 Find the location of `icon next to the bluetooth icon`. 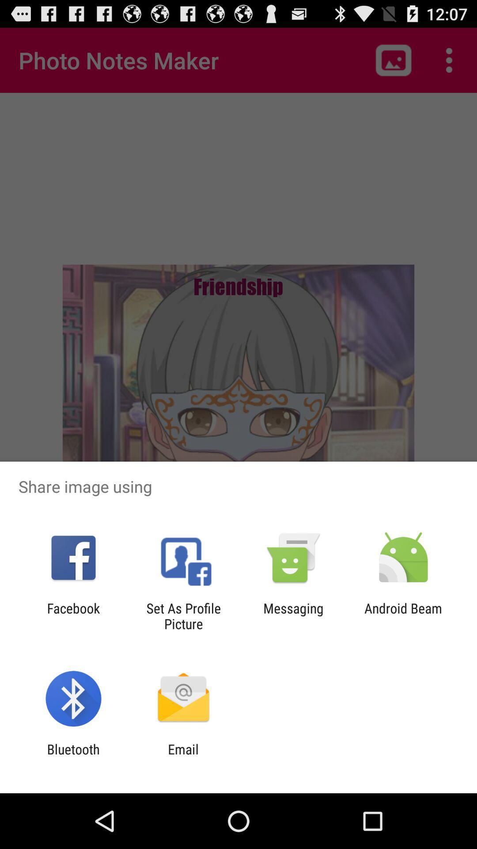

icon next to the bluetooth icon is located at coordinates (183, 757).